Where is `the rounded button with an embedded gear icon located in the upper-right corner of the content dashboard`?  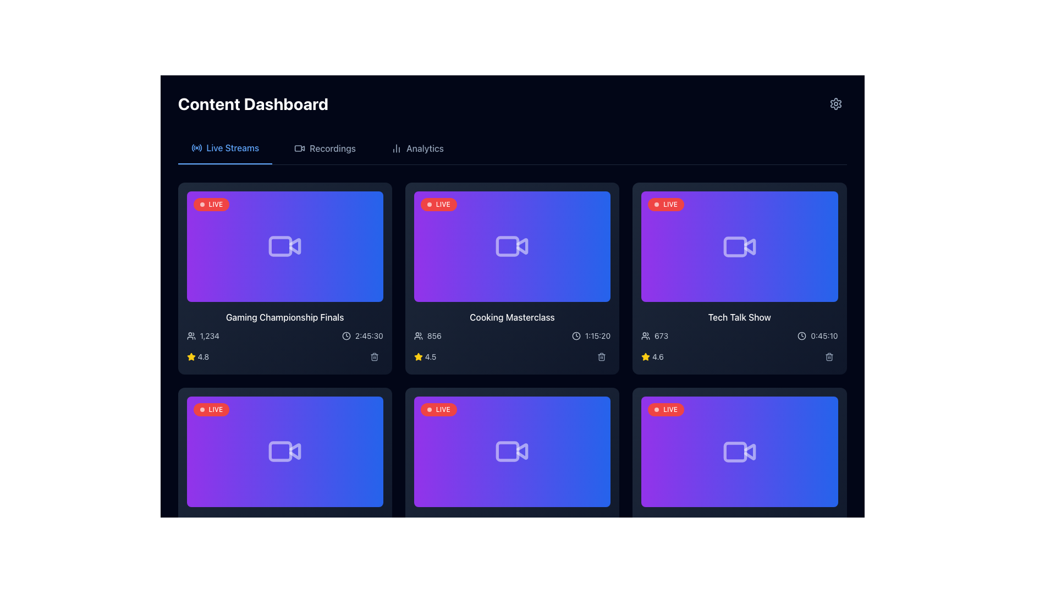 the rounded button with an embedded gear icon located in the upper-right corner of the content dashboard is located at coordinates (835, 104).